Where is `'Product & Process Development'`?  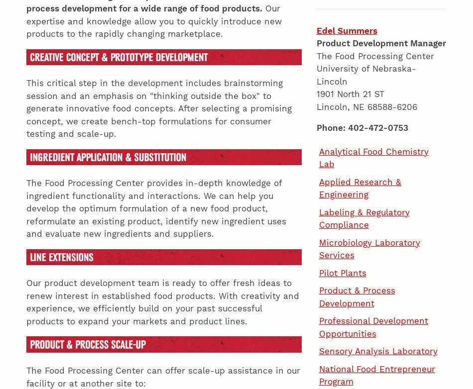 'Product & Process Development' is located at coordinates (319, 139).